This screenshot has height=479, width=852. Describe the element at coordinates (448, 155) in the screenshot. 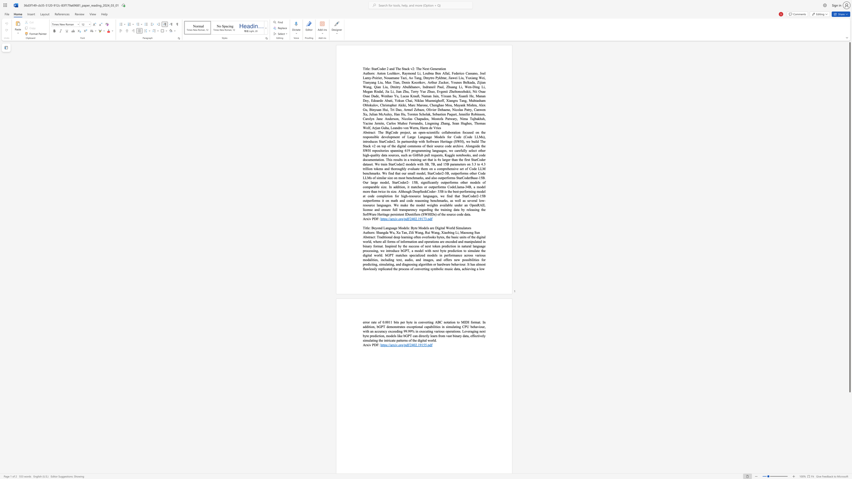

I see `the subset text "ggle notebooks, and code documentation. This results in a training set that is 4x larger than the first StarCoder dataset. We train StarCoder2 models with 3B, 7B, and 15B parameters on 3.3 to 4.3 trillion tokens and thoroughly evaluate them on a comprehensive set of Code LLM benchmarks. We find that our small model, StarCoder2-3B, outperforms other Code LLMs of similar size on most benchmarks, and also outperforms StarCoderBase-15B. Our large model, StarCoder2- 15B, significantly outperforms other models of comparable size. In addition, it matches or outperforms CodeLlama-34B, a model more than twice its size. Although DeepSeekCoder- 33B is the best-performing model at code completion for high-resource languages, we find that StarCoder2-15B outperforms it on math and code reasoning benchmarks, as well as several low-resource languages. We make the model weights available under an OpenRAIL license and ensure full transparency regarding t" within the text "The BigCode project, an open-scientific collaboration focused on the responsible development of Large Language Models for Code (Code LLMs), introduces StarCoder2. In partnership with Software Heritage (SWH), we build The Stack v2 on top of the digital commons of their source code archive. Alongside the SWH repositories spanning 619 programming languages, we carefully select other high-quality data sources, such as GitHub pull requests, Kaggle notebooks, and code documentation. This results in a training set that is 4x larger than the first StarCoder dataset. We train StarCoder2 models with 3B, 7B, and 15B parameters on 3.3 to 4.3 trillion tokens and thoroughly evaluate them on a comprehensive set of Code LLM benchmarks. We find that our small model, StarCoder2-3B, outperforms other Code LLMs of similar size on most benchmarks, and also outperforms StarCoderBase-15B. Our large model, StarCoder2- 15B, significantly outperforms other models of comparable size. In addition, it matches or outperforms CodeLlama-34B, a model more than twice its size. Although DeepSeekCoder- 33B is the best-performing model at code completion for high-resource languages, we find that StarCoder2-15B outperforms it on math and code reasoning benchmarks, as well as several low-resource languages. We make the model weights available under an OpenRAIL license and ensure full transparency regarding the training data by releasing the SoftWare Heritage persistent IDentifiers (SWHIDs) of the source code data."` at that location.